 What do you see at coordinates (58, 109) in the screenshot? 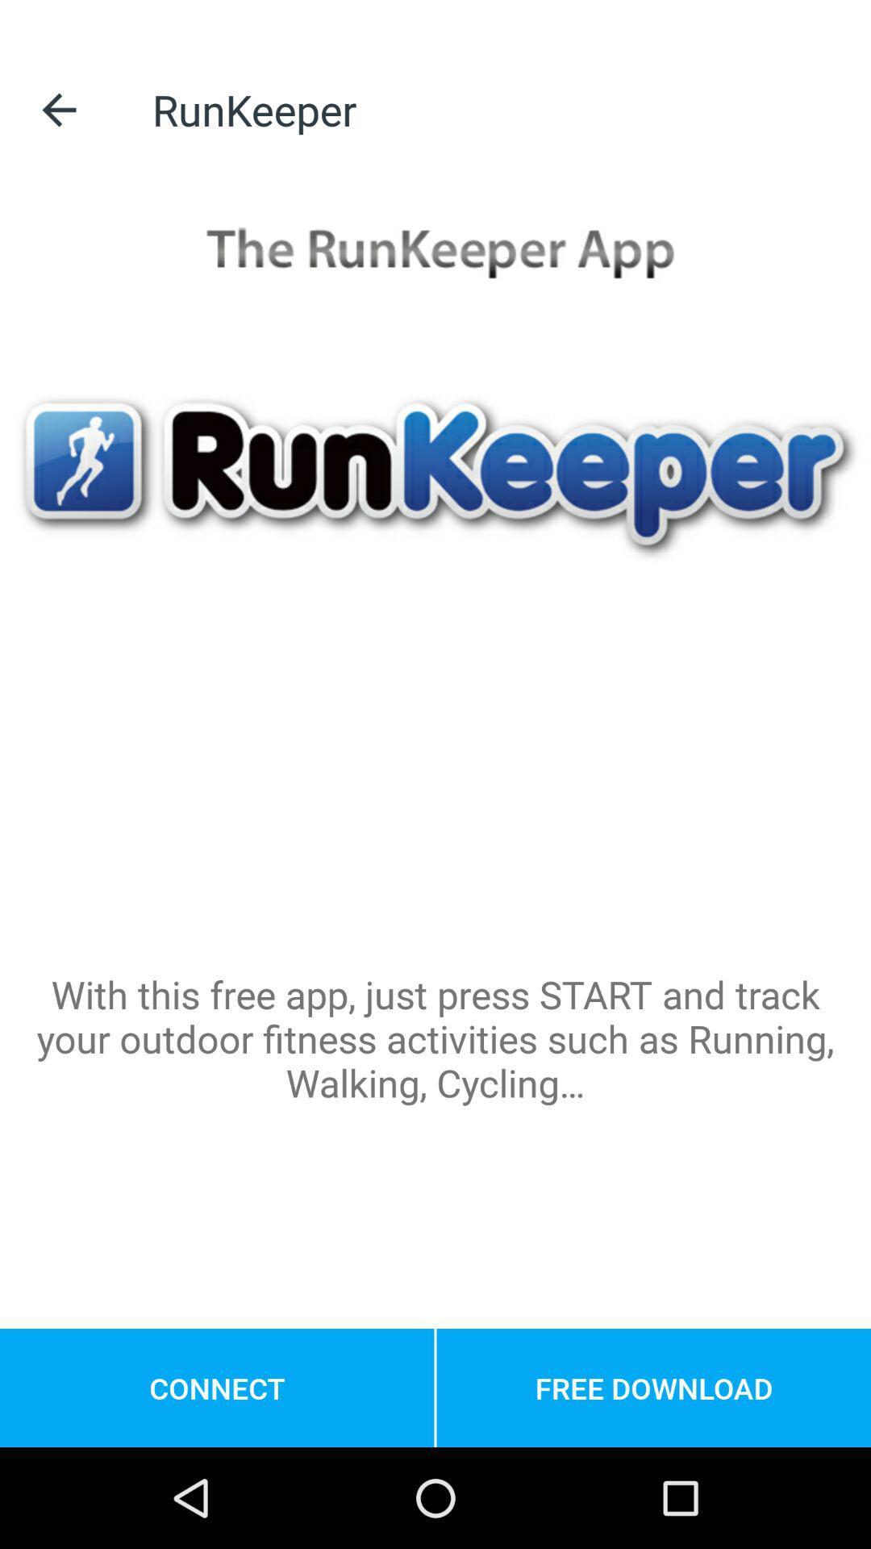
I see `the item next to runkeeper` at bounding box center [58, 109].